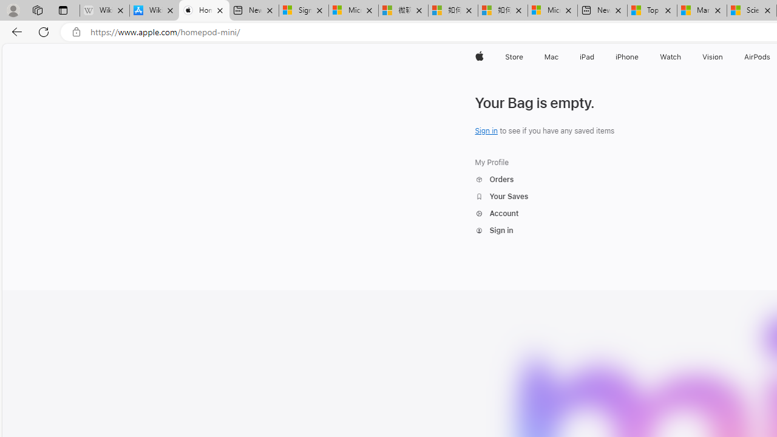 The image size is (777, 437). What do you see at coordinates (725, 56) in the screenshot?
I see `'Vision menu'` at bounding box center [725, 56].